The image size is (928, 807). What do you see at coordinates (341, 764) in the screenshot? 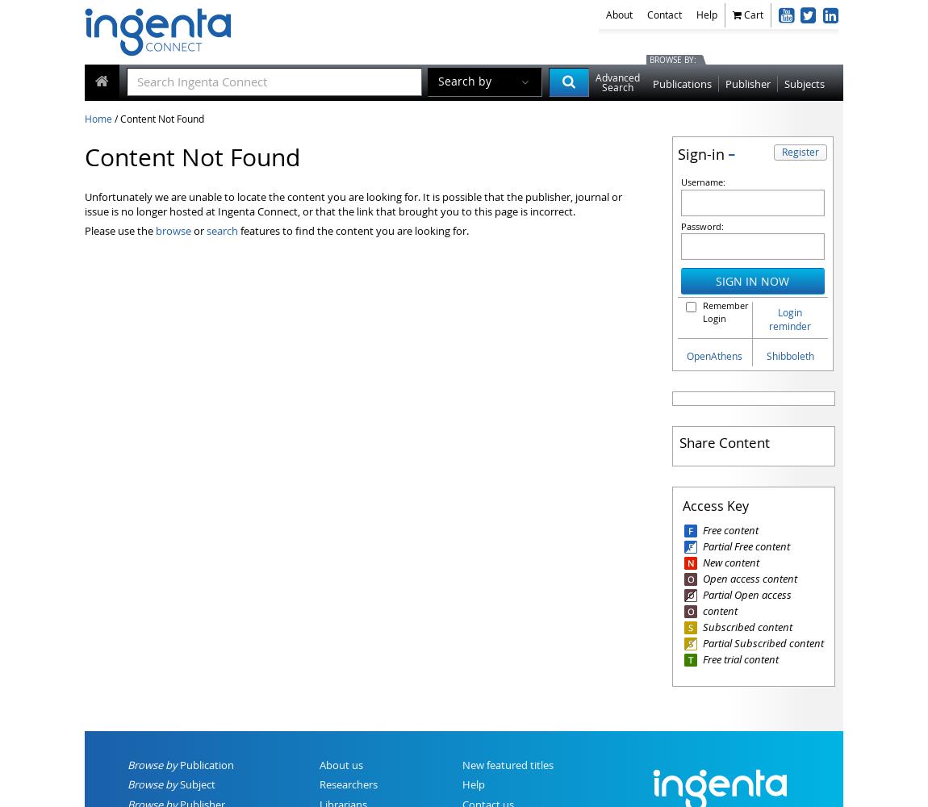
I see `'About us'` at bounding box center [341, 764].